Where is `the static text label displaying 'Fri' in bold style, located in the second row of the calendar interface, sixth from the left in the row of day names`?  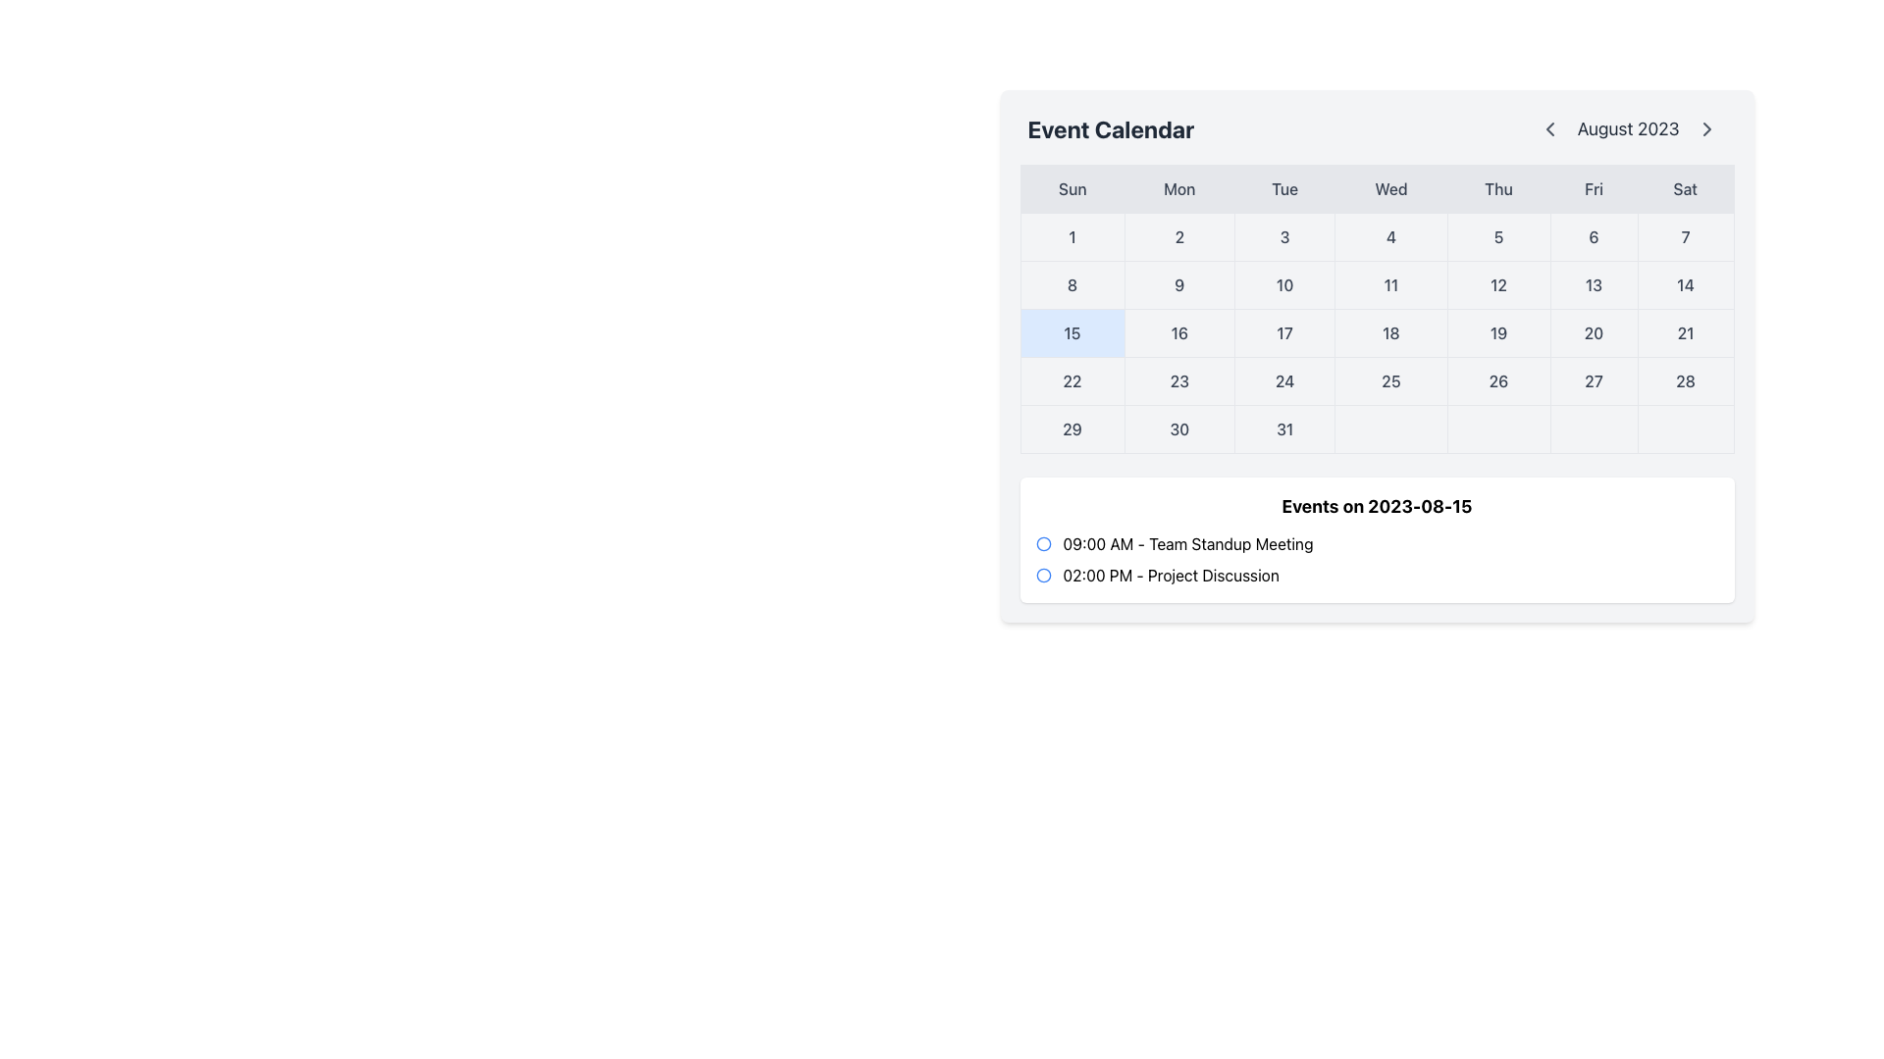 the static text label displaying 'Fri' in bold style, located in the second row of the calendar interface, sixth from the left in the row of day names is located at coordinates (1594, 188).